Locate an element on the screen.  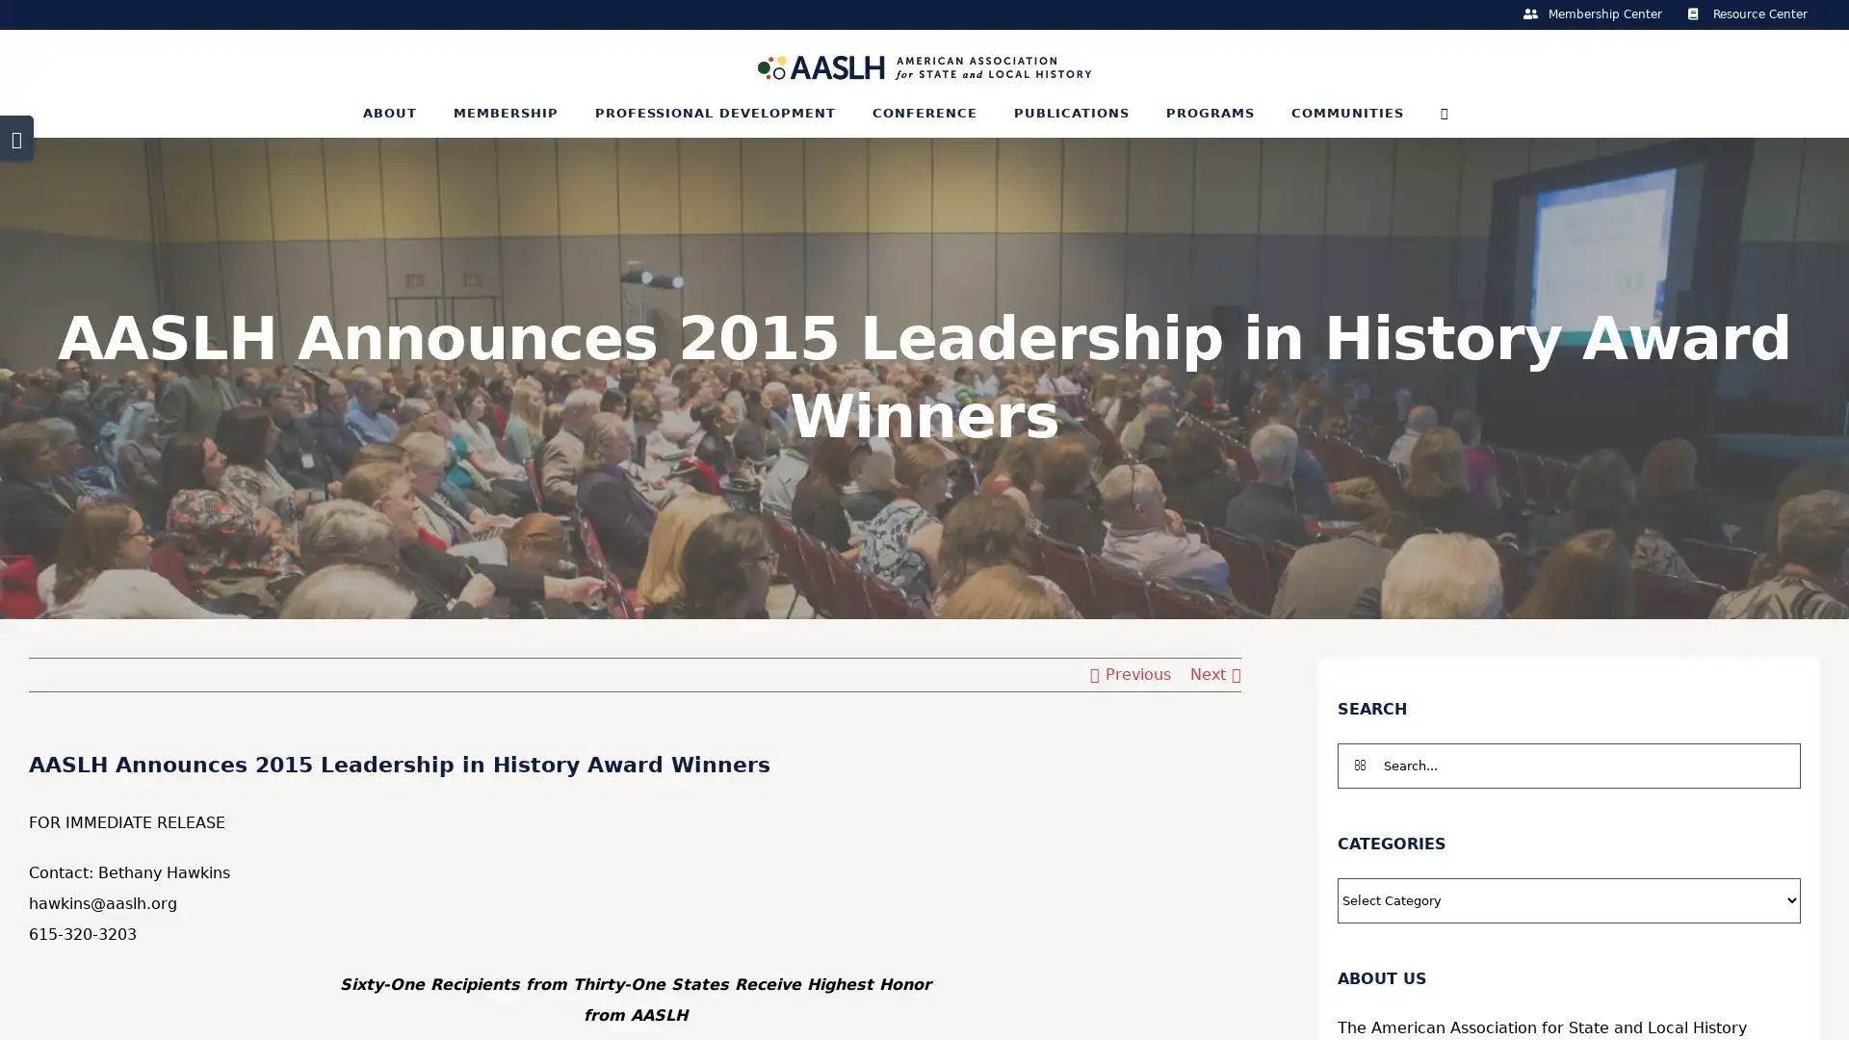
Search is located at coordinates (1359, 765).